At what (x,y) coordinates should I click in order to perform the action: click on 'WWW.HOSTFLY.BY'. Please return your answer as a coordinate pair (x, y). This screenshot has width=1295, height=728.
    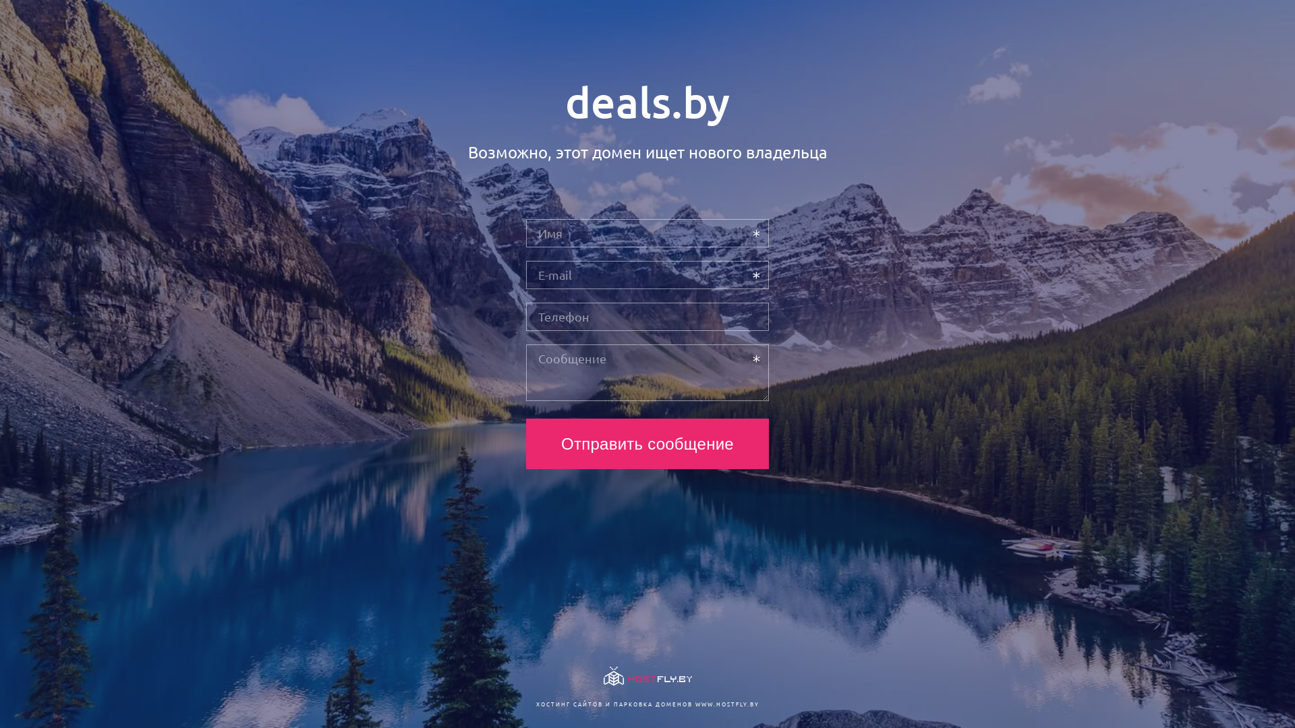
    Looking at the image, I should click on (726, 703).